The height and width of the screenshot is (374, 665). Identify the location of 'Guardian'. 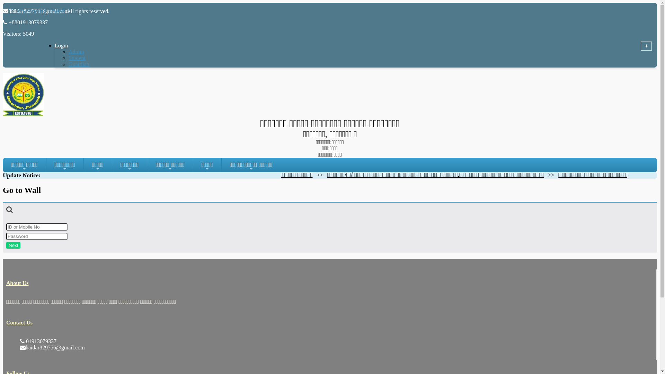
(79, 64).